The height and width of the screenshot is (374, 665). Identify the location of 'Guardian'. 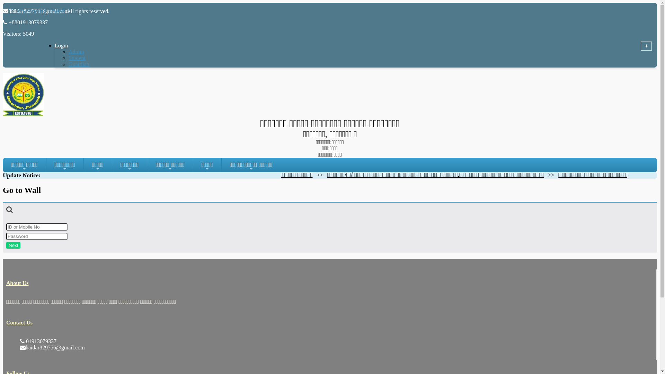
(79, 64).